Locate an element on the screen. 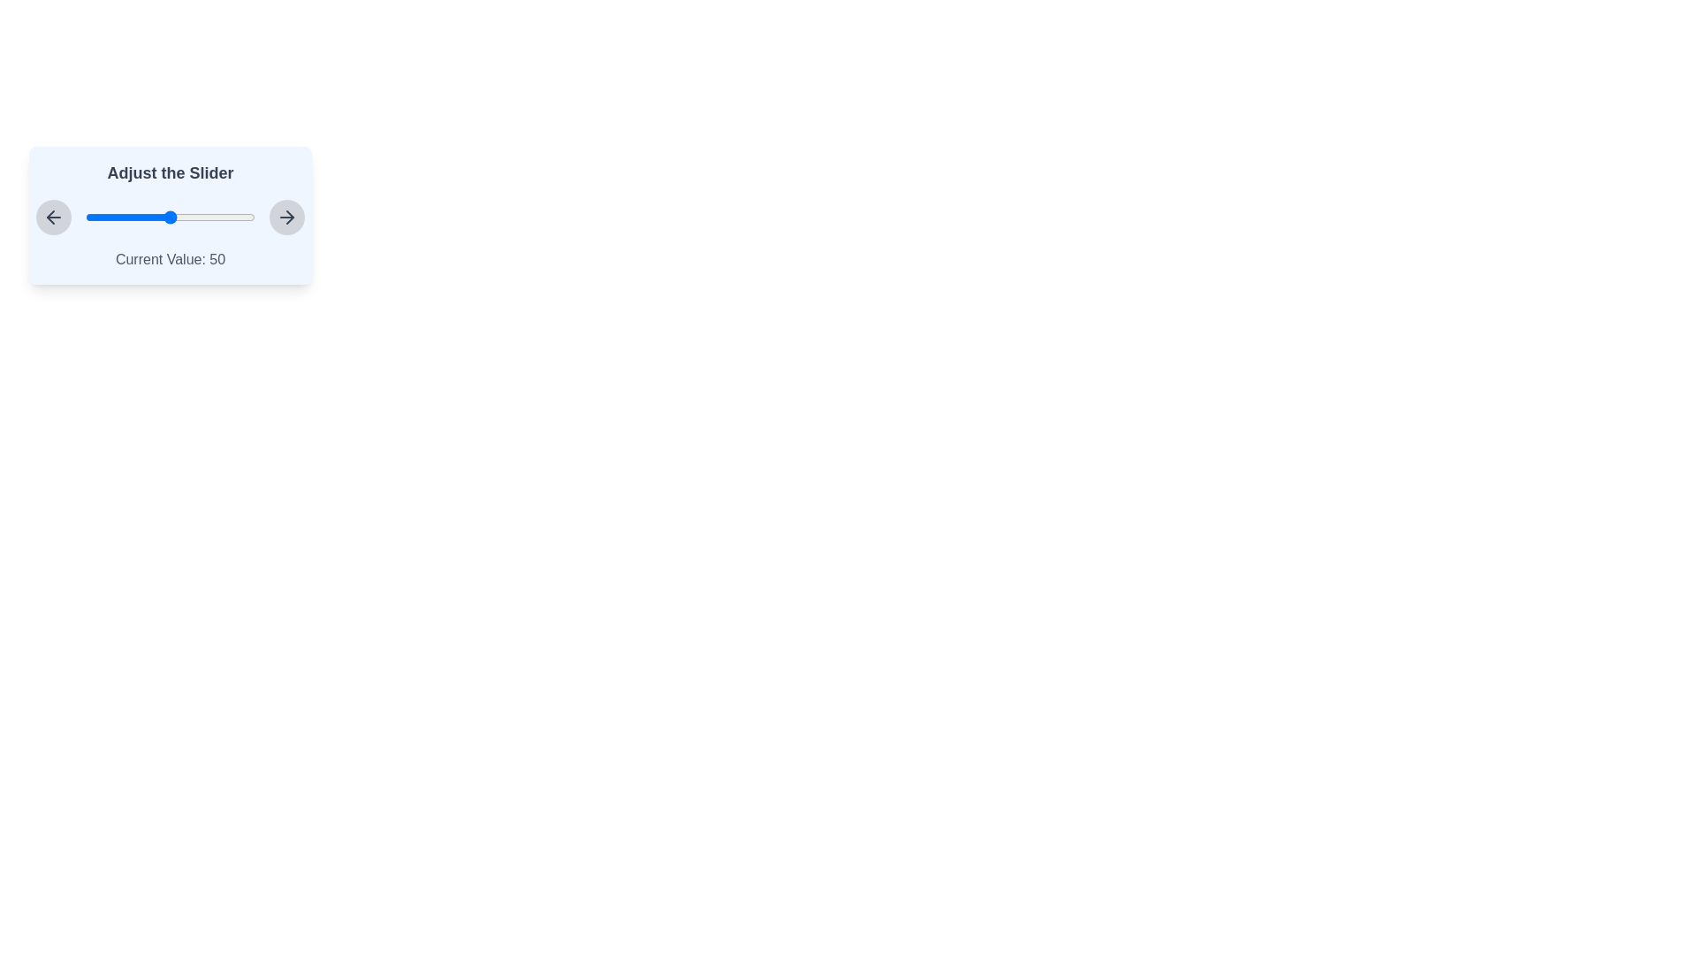 The width and height of the screenshot is (1697, 955). the leftward navigational arrow icon inside the circular button is located at coordinates (54, 217).